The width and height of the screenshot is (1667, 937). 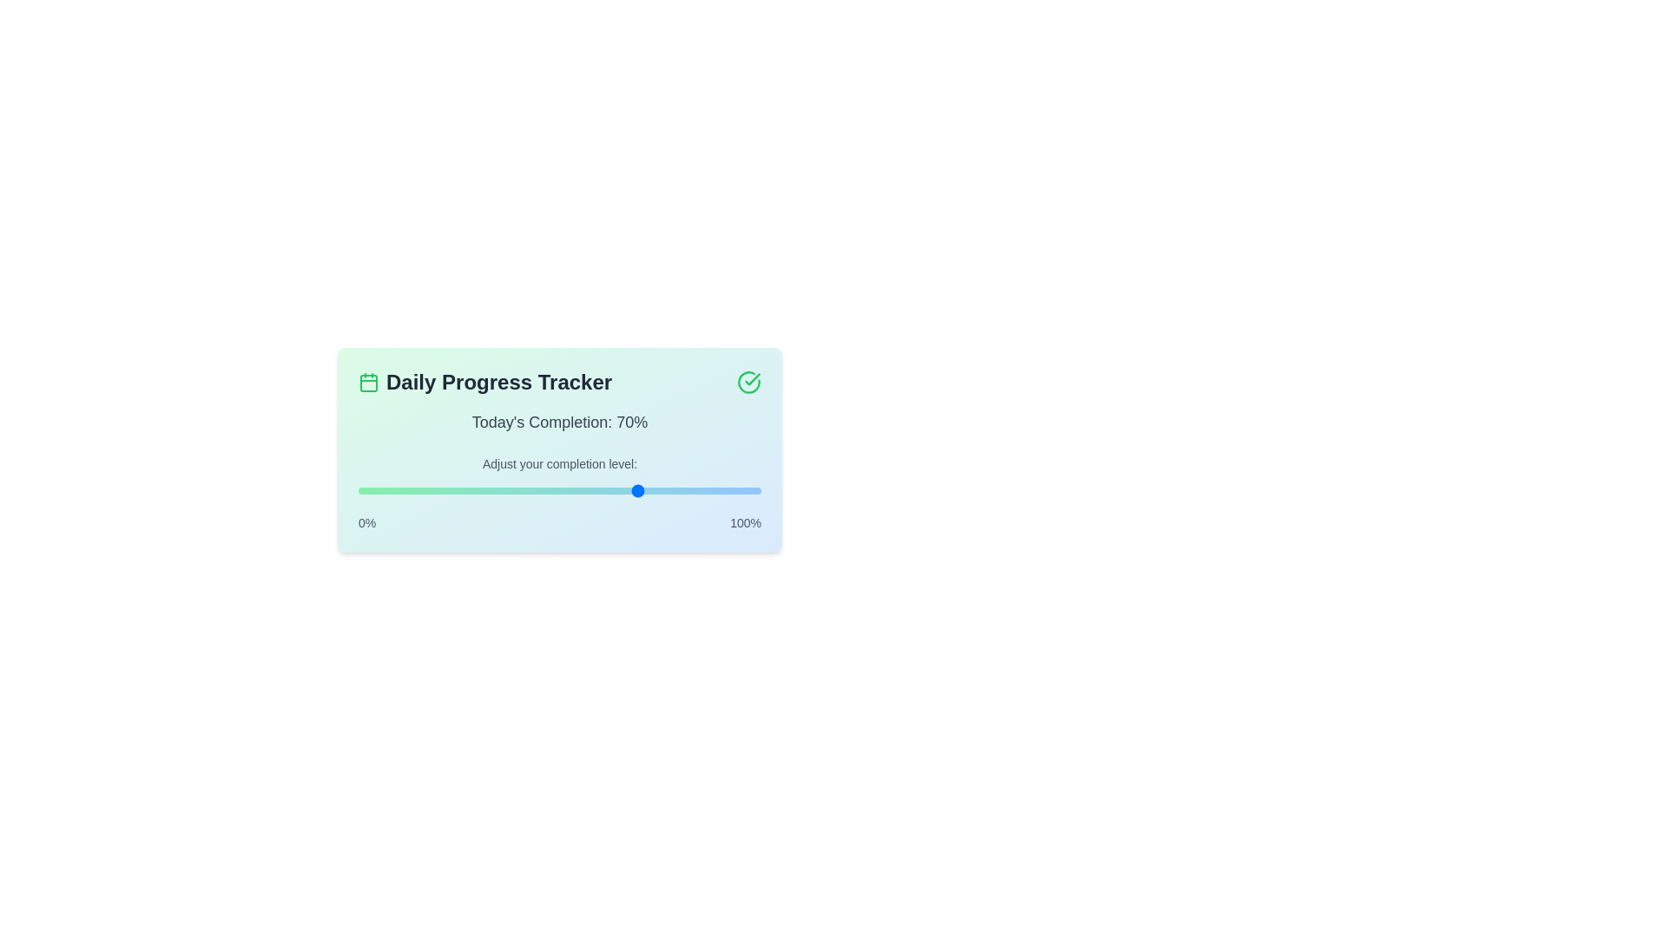 I want to click on the progress level to 76%, so click(x=663, y=491).